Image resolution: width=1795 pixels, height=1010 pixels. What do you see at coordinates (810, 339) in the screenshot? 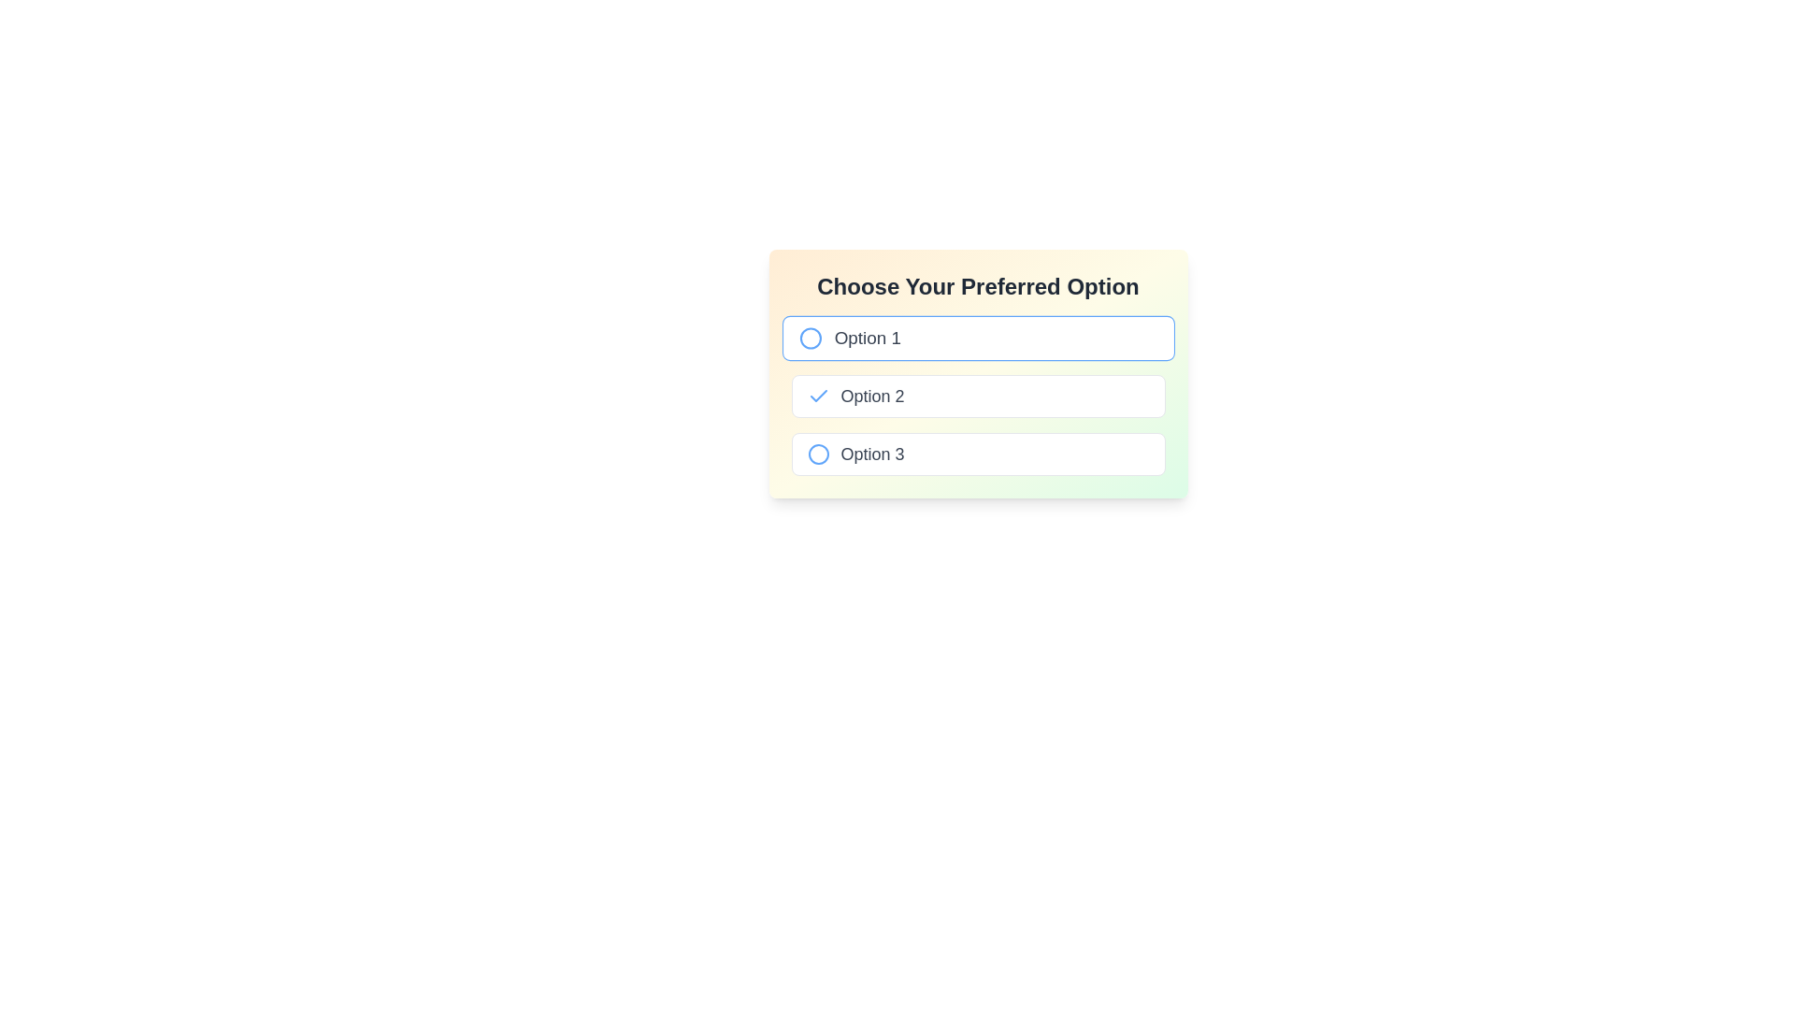
I see `the radio button icon for 'Option 1'` at bounding box center [810, 339].